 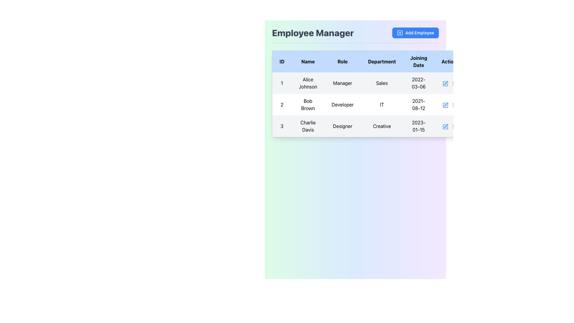 What do you see at coordinates (381, 126) in the screenshot?
I see `the text label displaying the department name 'Creative' for the employee 'Charlie Davis', which is located in the fourth cell of the row under the 'Department' column` at bounding box center [381, 126].